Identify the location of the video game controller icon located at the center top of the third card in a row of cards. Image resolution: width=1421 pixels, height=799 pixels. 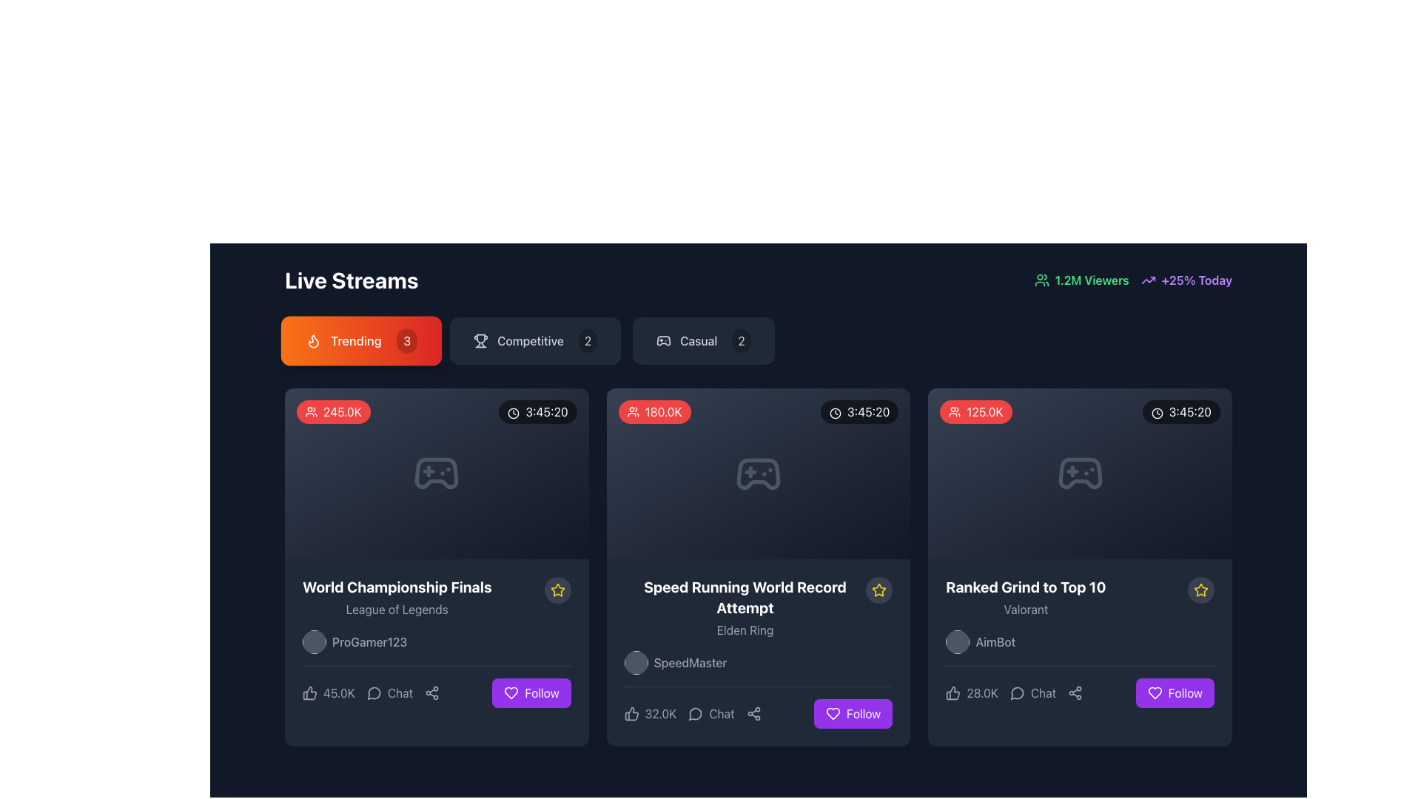
(1080, 473).